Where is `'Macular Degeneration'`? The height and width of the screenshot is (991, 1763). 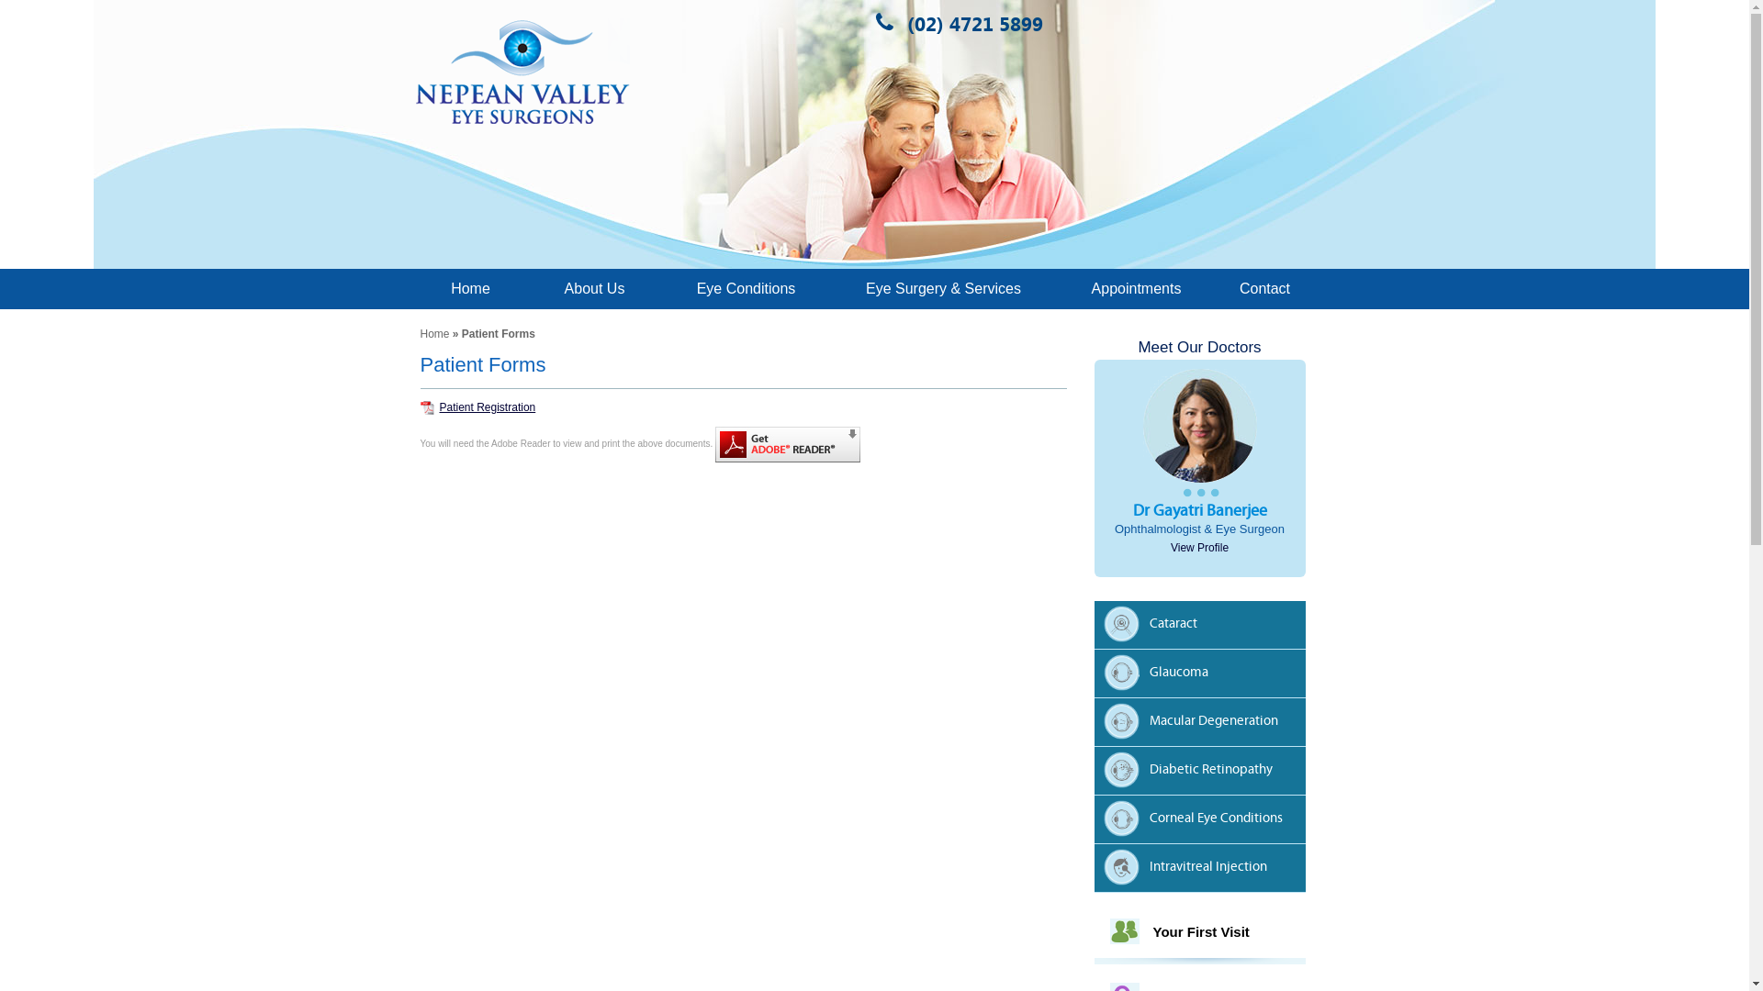 'Macular Degeneration' is located at coordinates (1204, 723).